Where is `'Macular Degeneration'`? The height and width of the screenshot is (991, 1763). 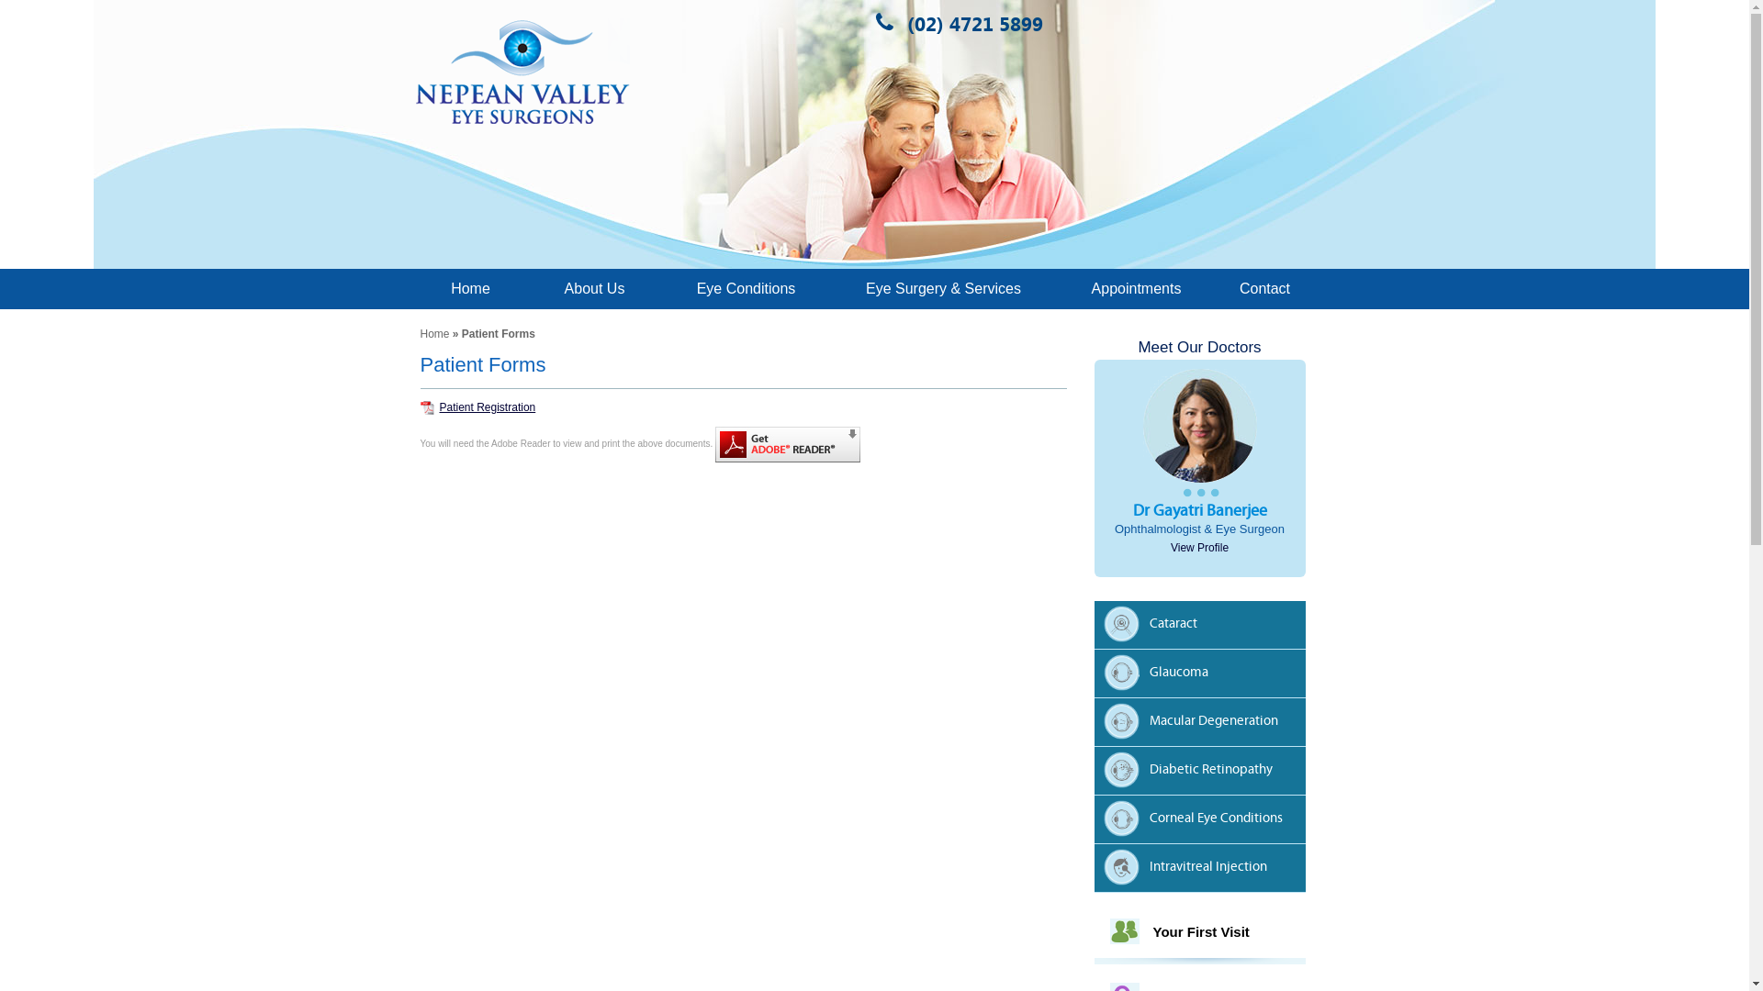 'Macular Degeneration' is located at coordinates (1204, 723).